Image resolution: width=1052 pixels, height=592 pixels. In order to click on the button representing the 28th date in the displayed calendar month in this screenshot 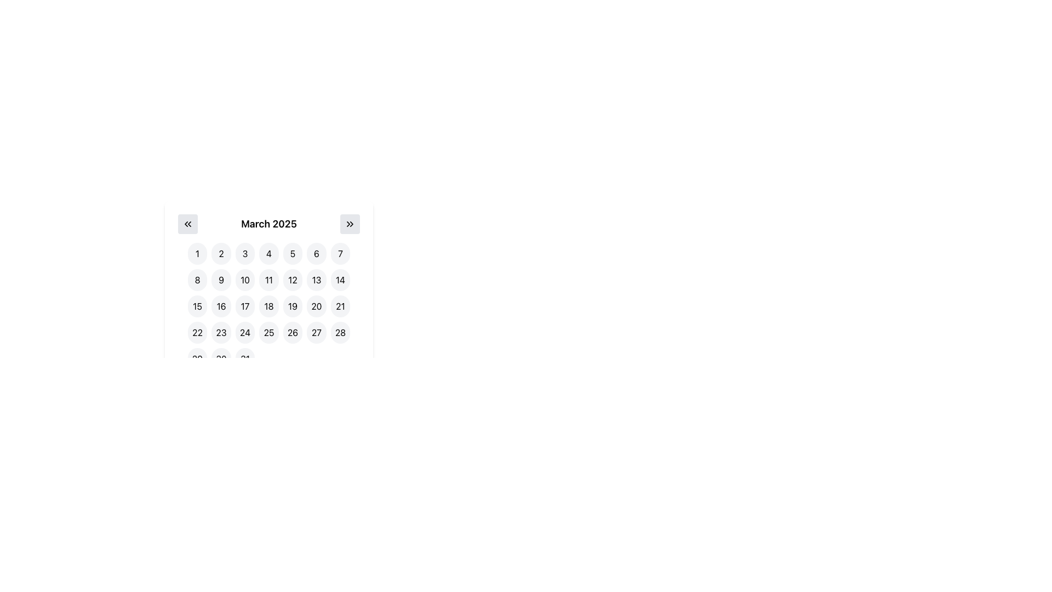, I will do `click(340, 332)`.